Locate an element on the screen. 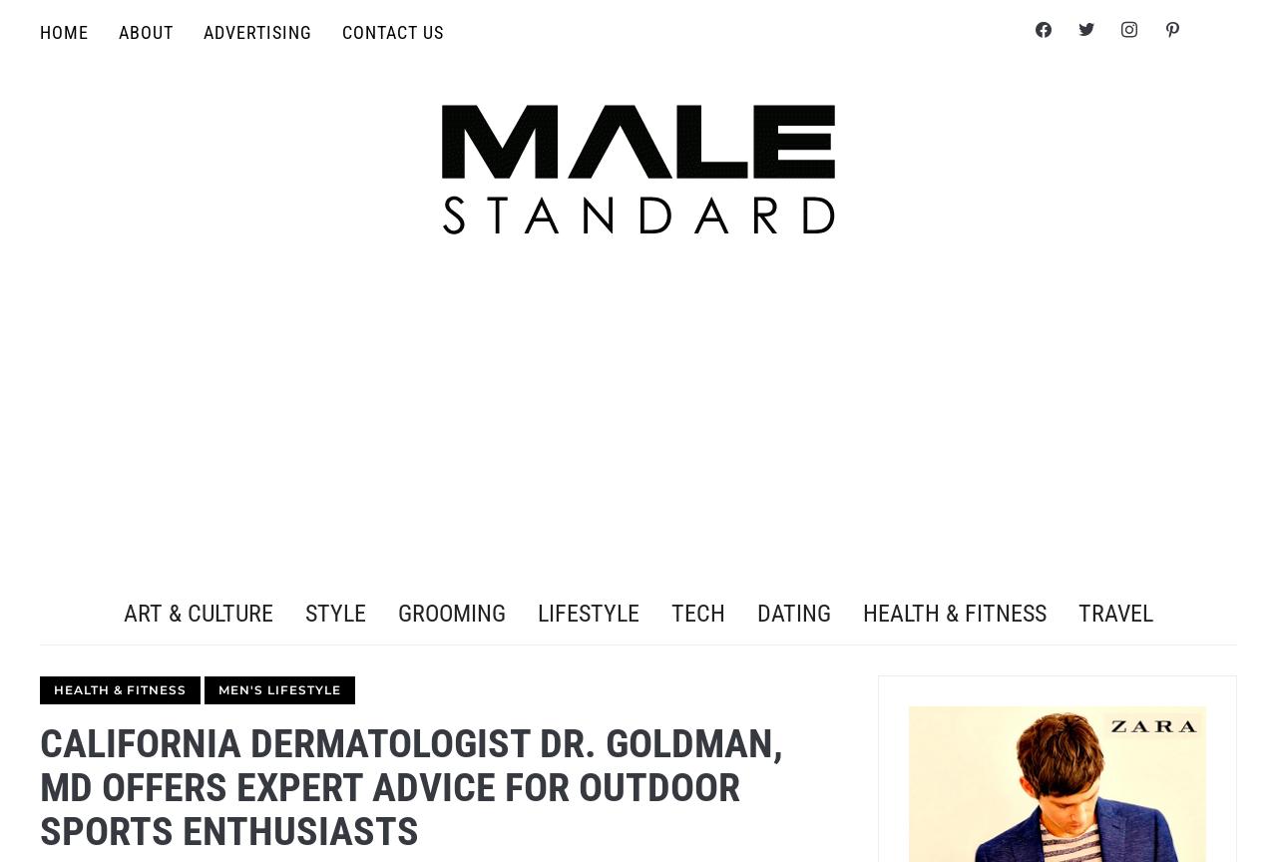 The image size is (1277, 862). 'Dating' is located at coordinates (793, 612).